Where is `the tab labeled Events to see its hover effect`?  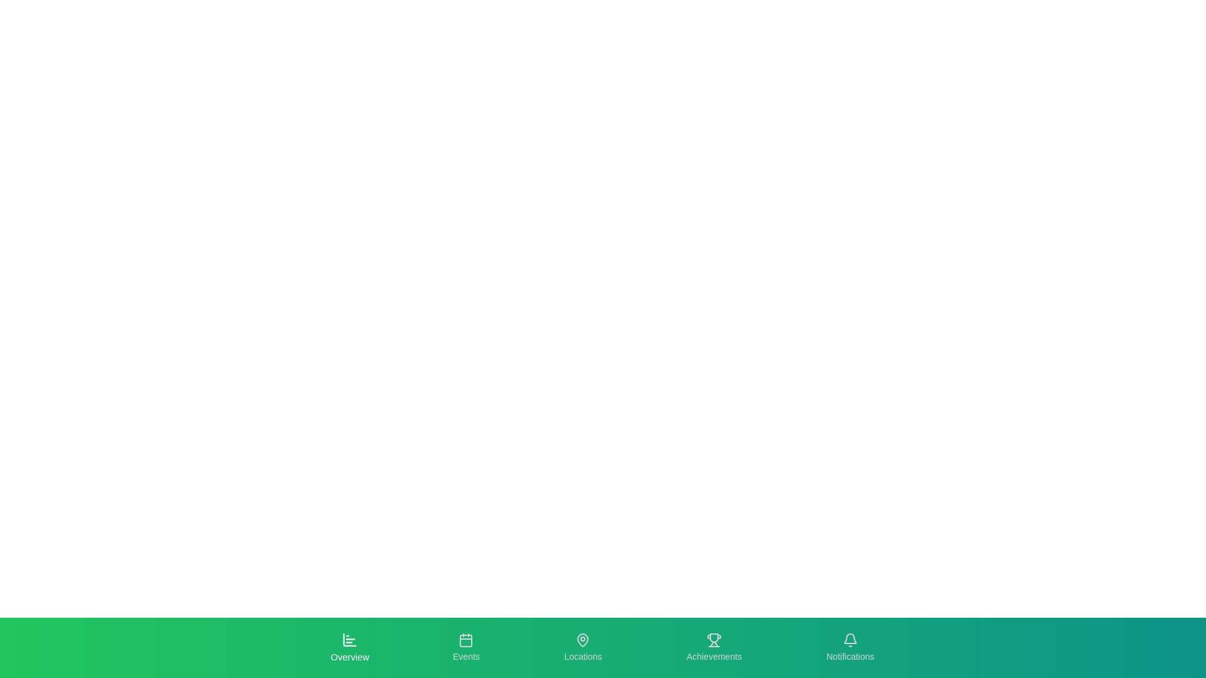 the tab labeled Events to see its hover effect is located at coordinates (465, 648).